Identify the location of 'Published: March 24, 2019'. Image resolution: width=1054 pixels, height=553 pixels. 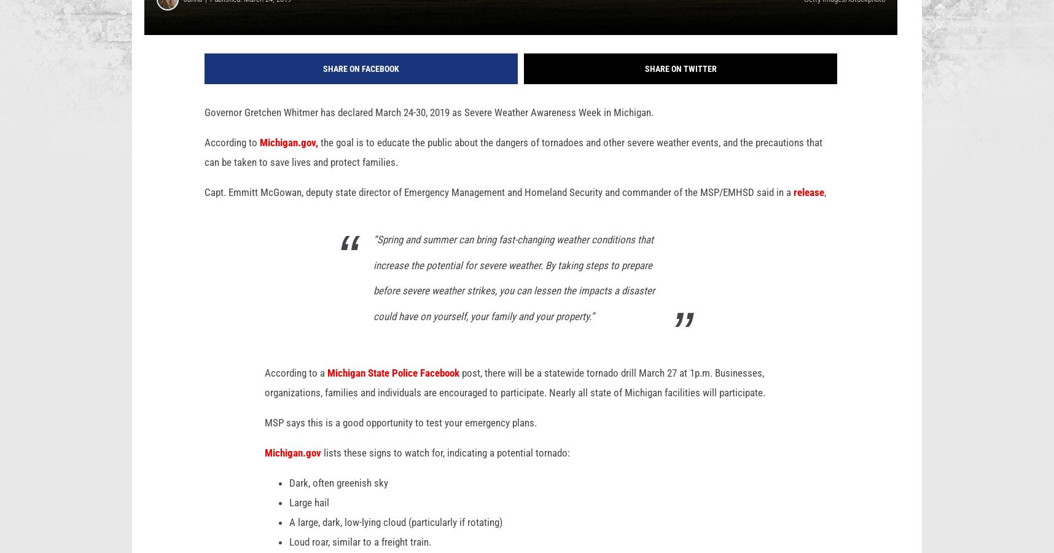
(251, 18).